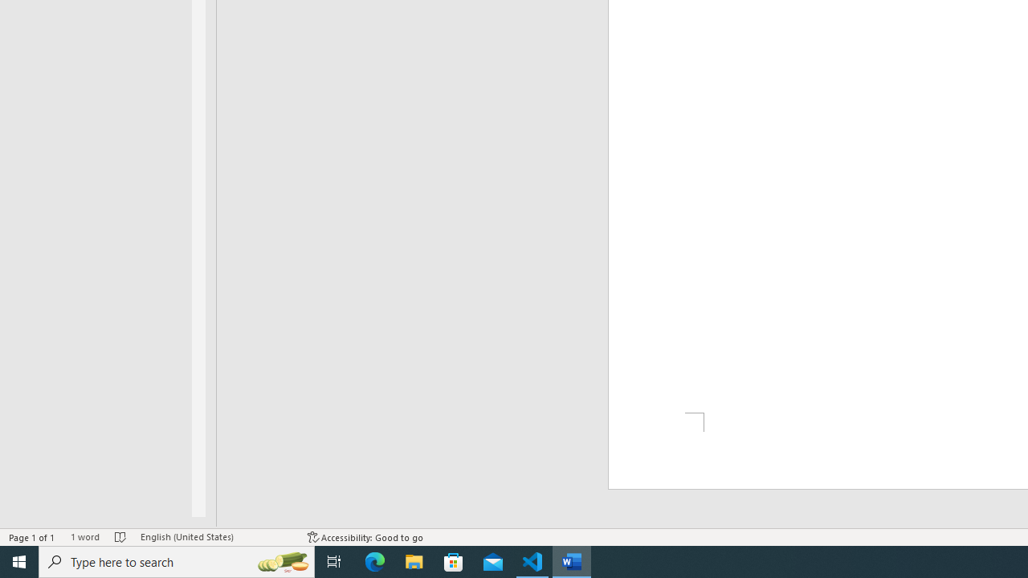 The image size is (1028, 578). I want to click on 'Accessibility Checker Accessibility: Good to go', so click(365, 537).